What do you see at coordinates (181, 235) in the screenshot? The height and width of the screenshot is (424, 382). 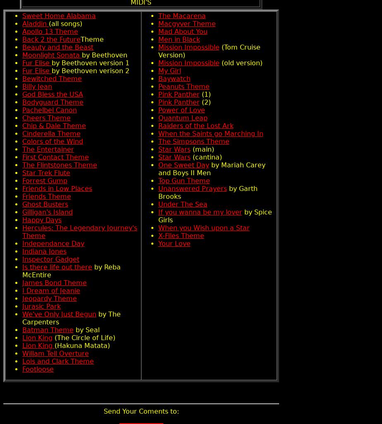 I see `'X-Files Theme'` at bounding box center [181, 235].